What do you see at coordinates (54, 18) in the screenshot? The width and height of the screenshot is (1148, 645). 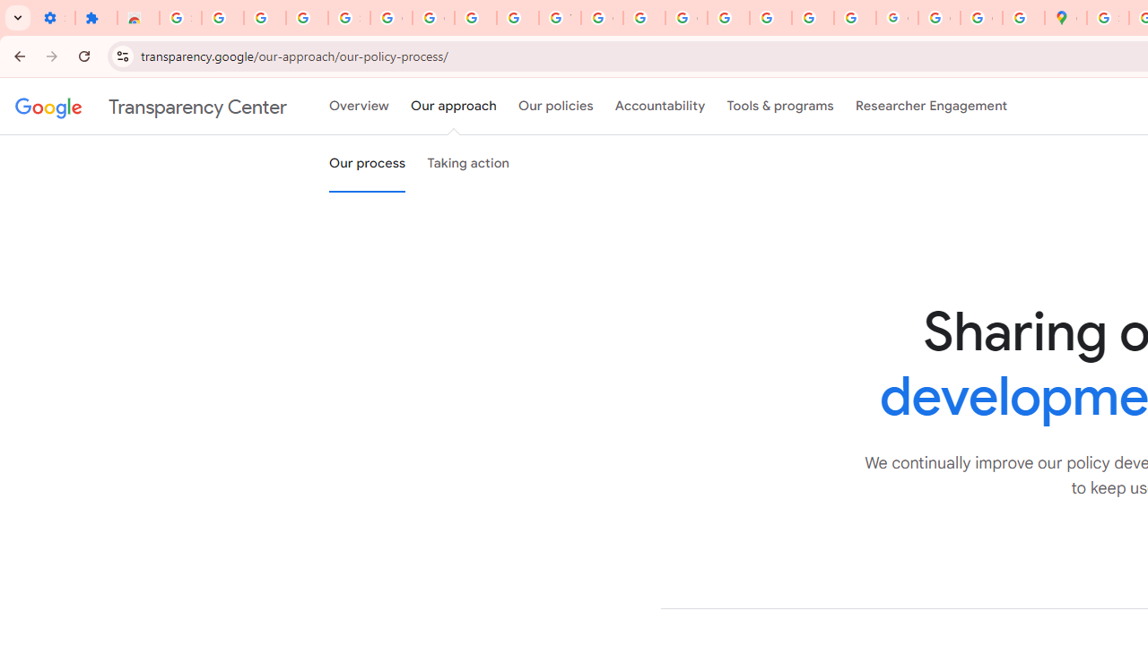 I see `'Settings - On startup'` at bounding box center [54, 18].